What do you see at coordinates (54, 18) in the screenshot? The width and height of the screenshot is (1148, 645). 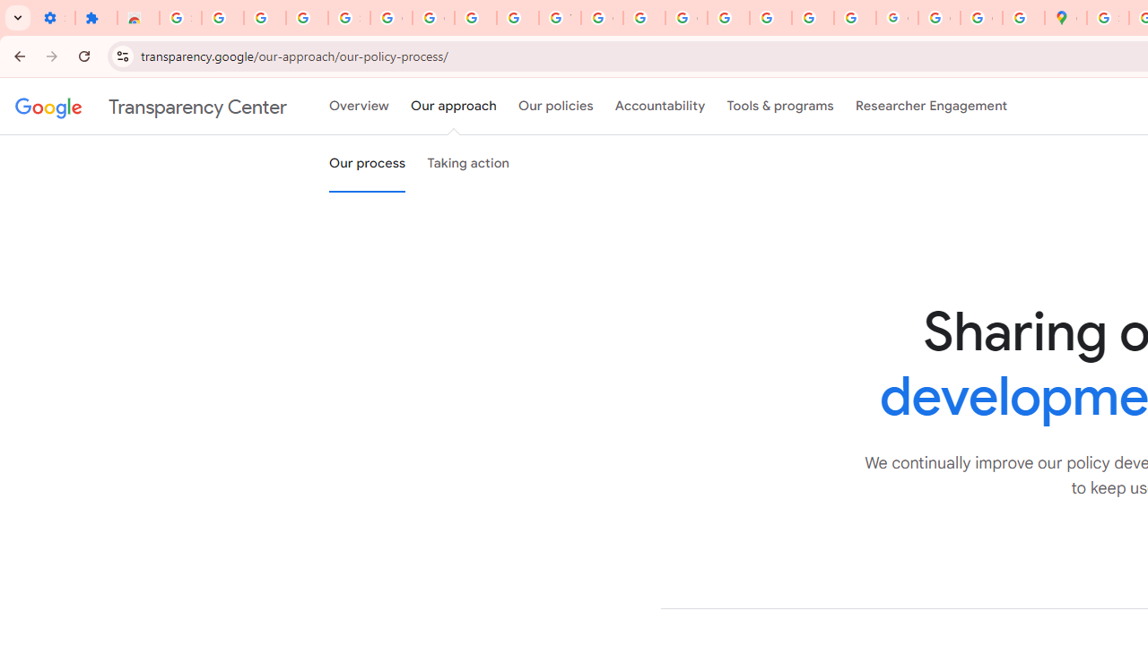 I see `'Settings - On startup'` at bounding box center [54, 18].